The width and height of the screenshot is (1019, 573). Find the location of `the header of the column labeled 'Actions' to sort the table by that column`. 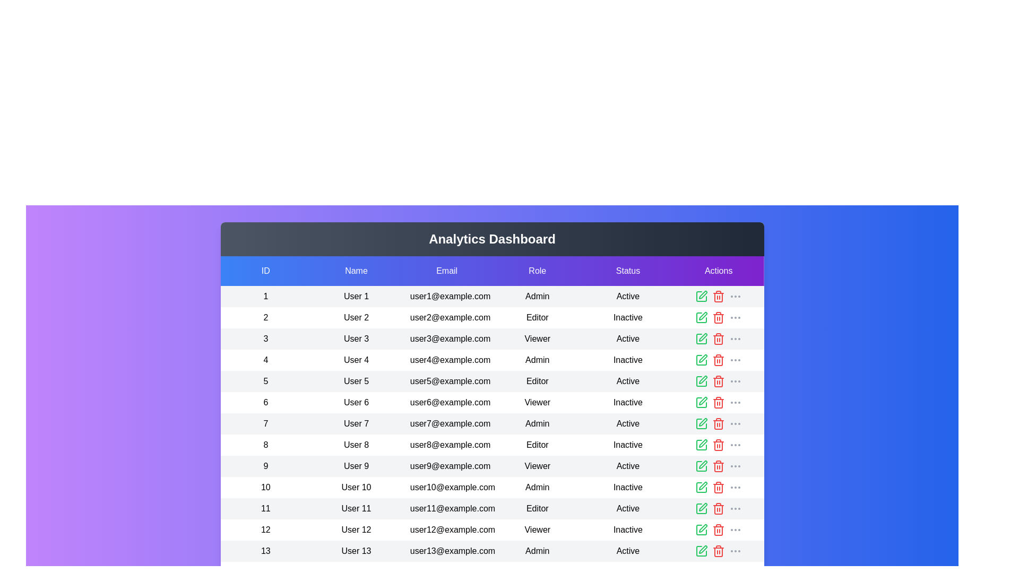

the header of the column labeled 'Actions' to sort the table by that column is located at coordinates (719, 270).